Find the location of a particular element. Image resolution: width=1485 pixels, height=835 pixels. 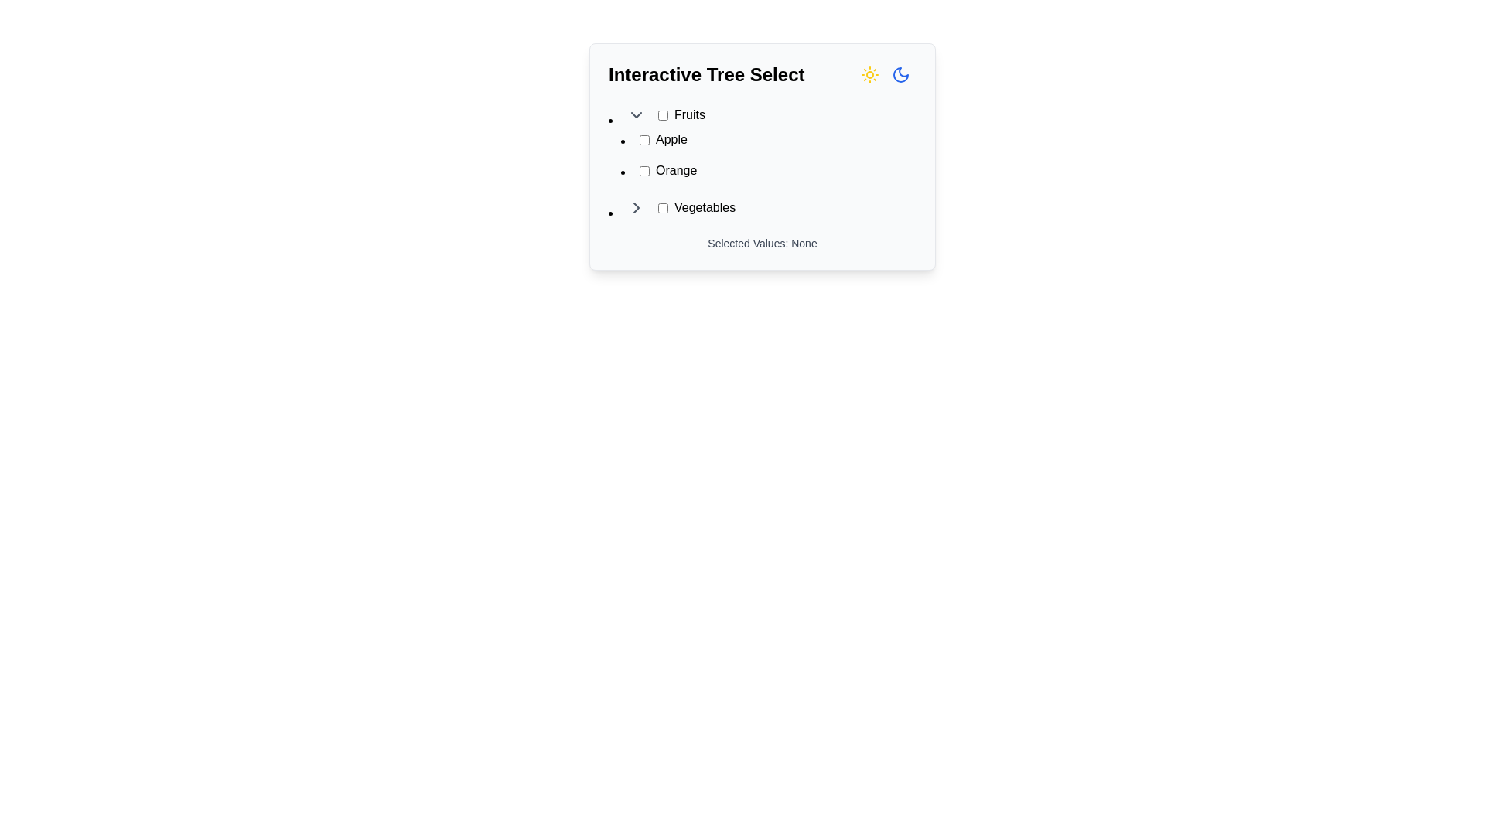

the interactive checkbox for the 'Vegetables' option is located at coordinates (663, 207).